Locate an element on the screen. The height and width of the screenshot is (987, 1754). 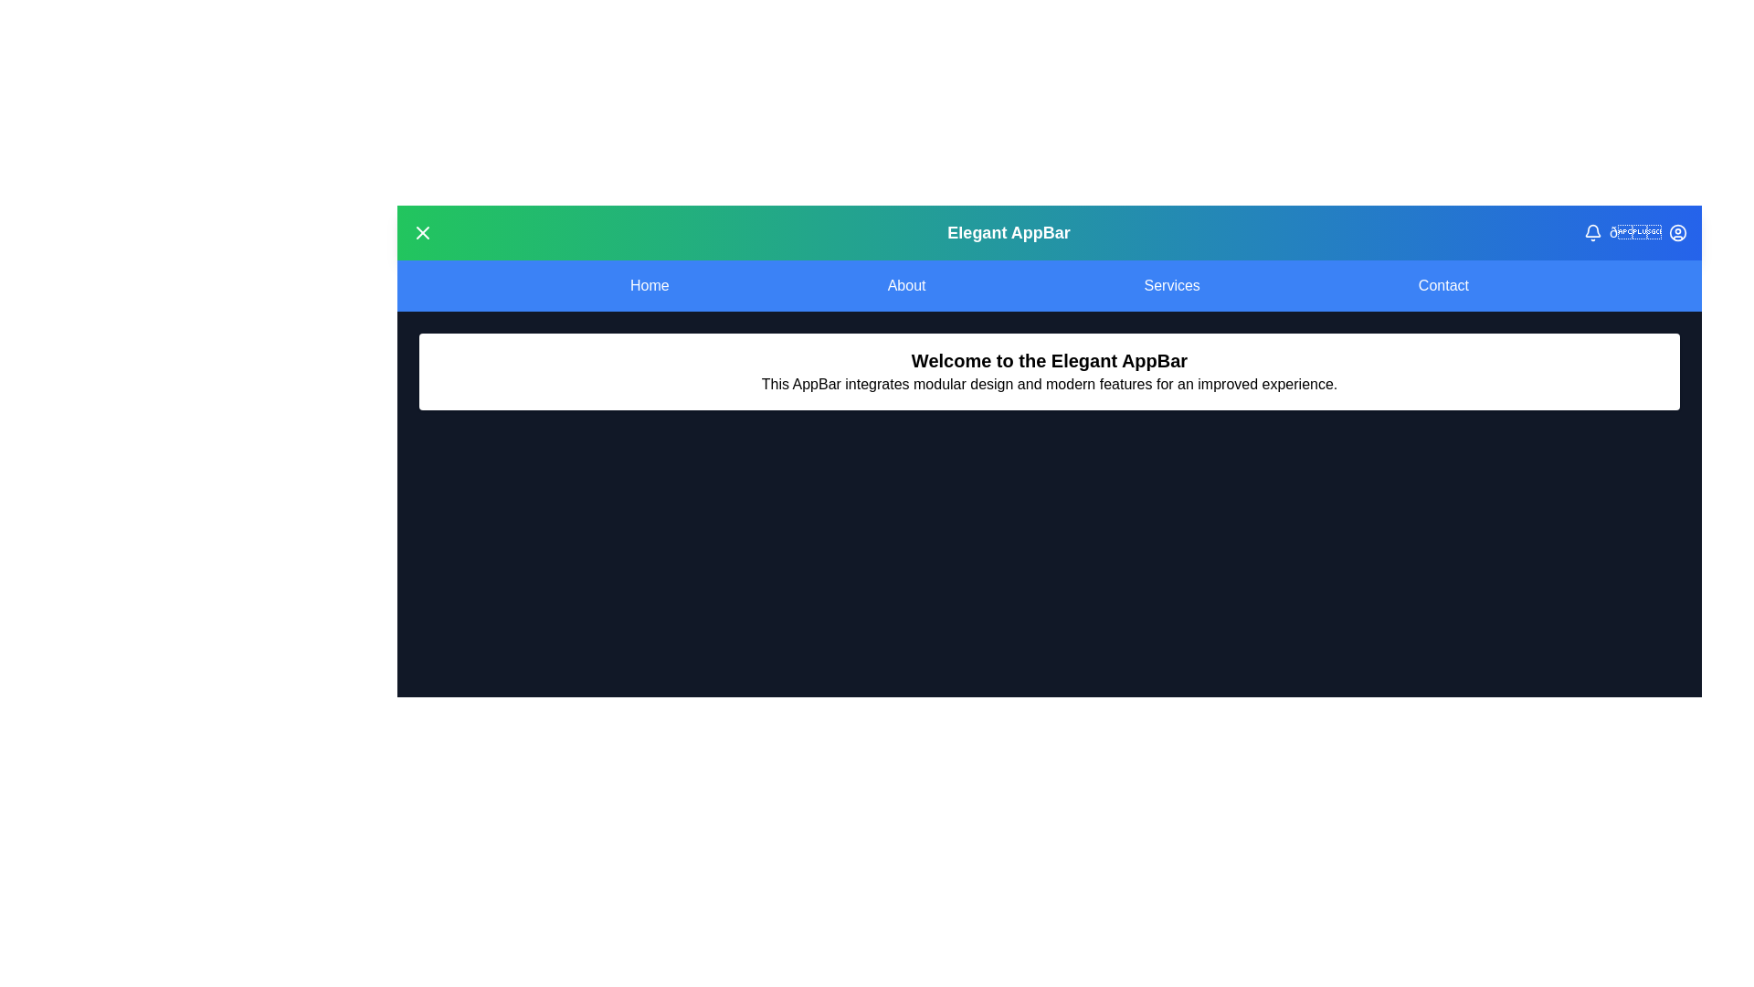
the navigation button labeled About to navigate to the corresponding section is located at coordinates (907, 285).